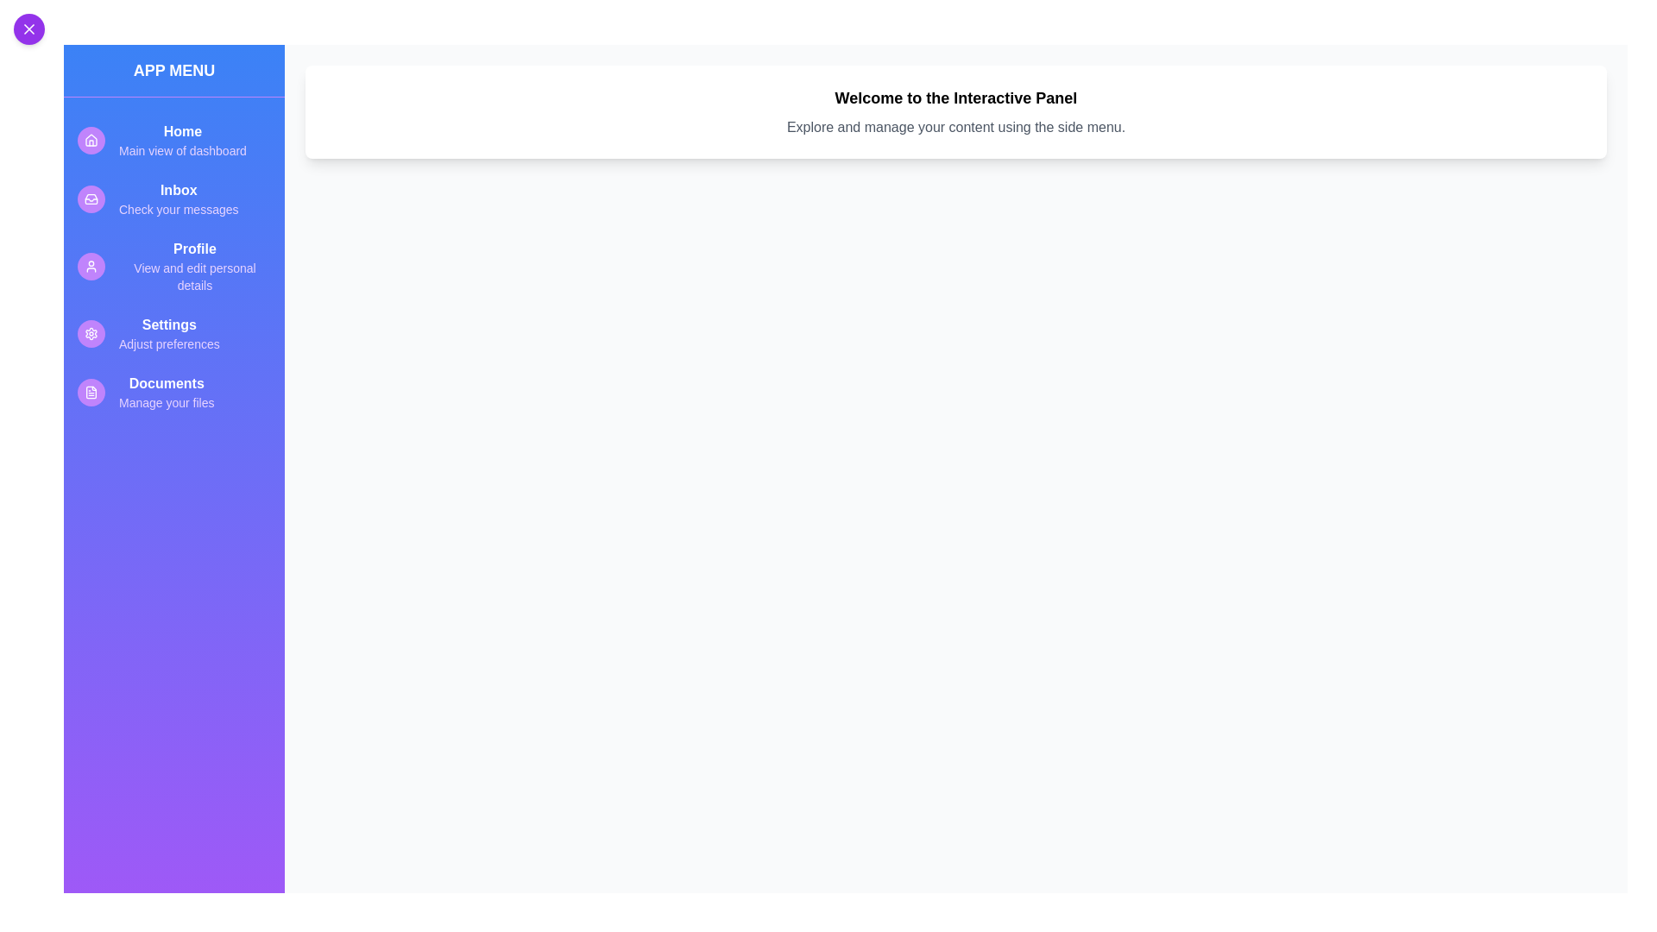 The height and width of the screenshot is (932, 1657). Describe the element at coordinates (173, 198) in the screenshot. I see `the menu item corresponding to Inbox` at that location.